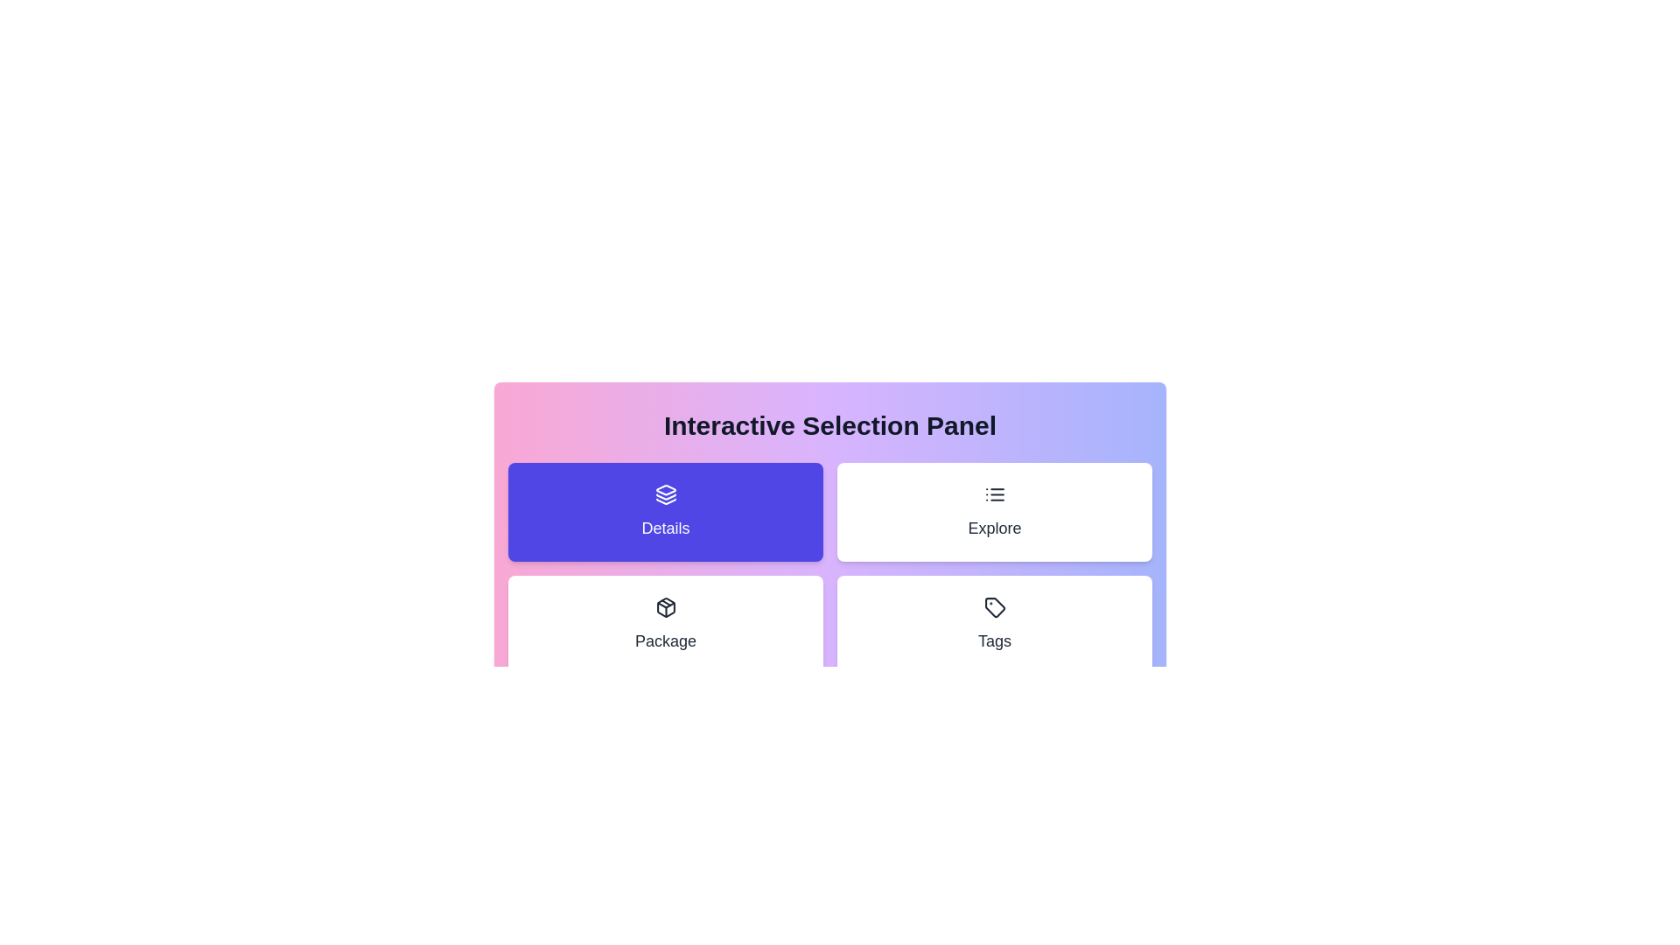  Describe the element at coordinates (995, 512) in the screenshot. I see `the 'Explore' button located in the first row, second column of the grid layout` at that location.